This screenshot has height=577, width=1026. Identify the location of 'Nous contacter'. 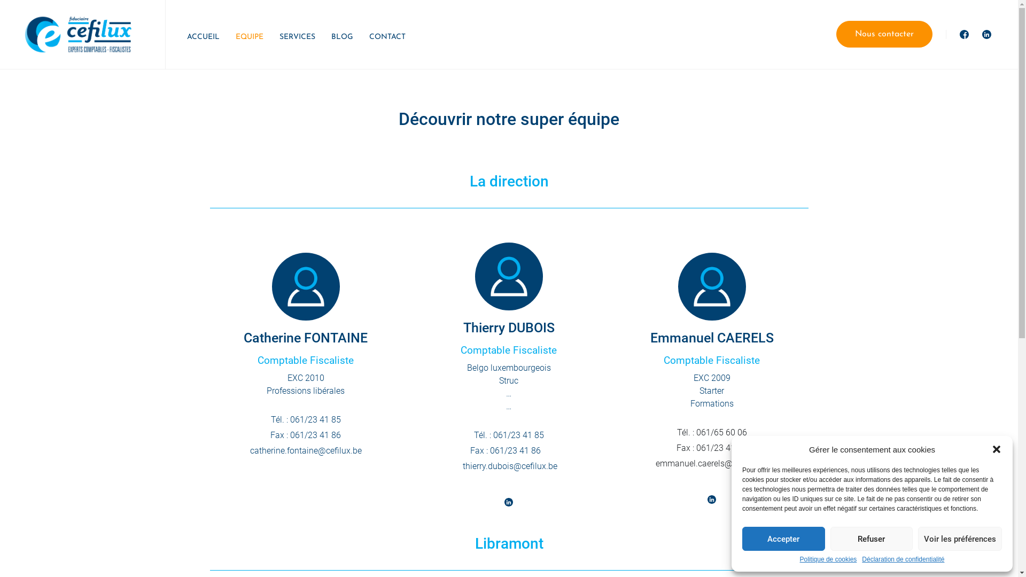
(884, 34).